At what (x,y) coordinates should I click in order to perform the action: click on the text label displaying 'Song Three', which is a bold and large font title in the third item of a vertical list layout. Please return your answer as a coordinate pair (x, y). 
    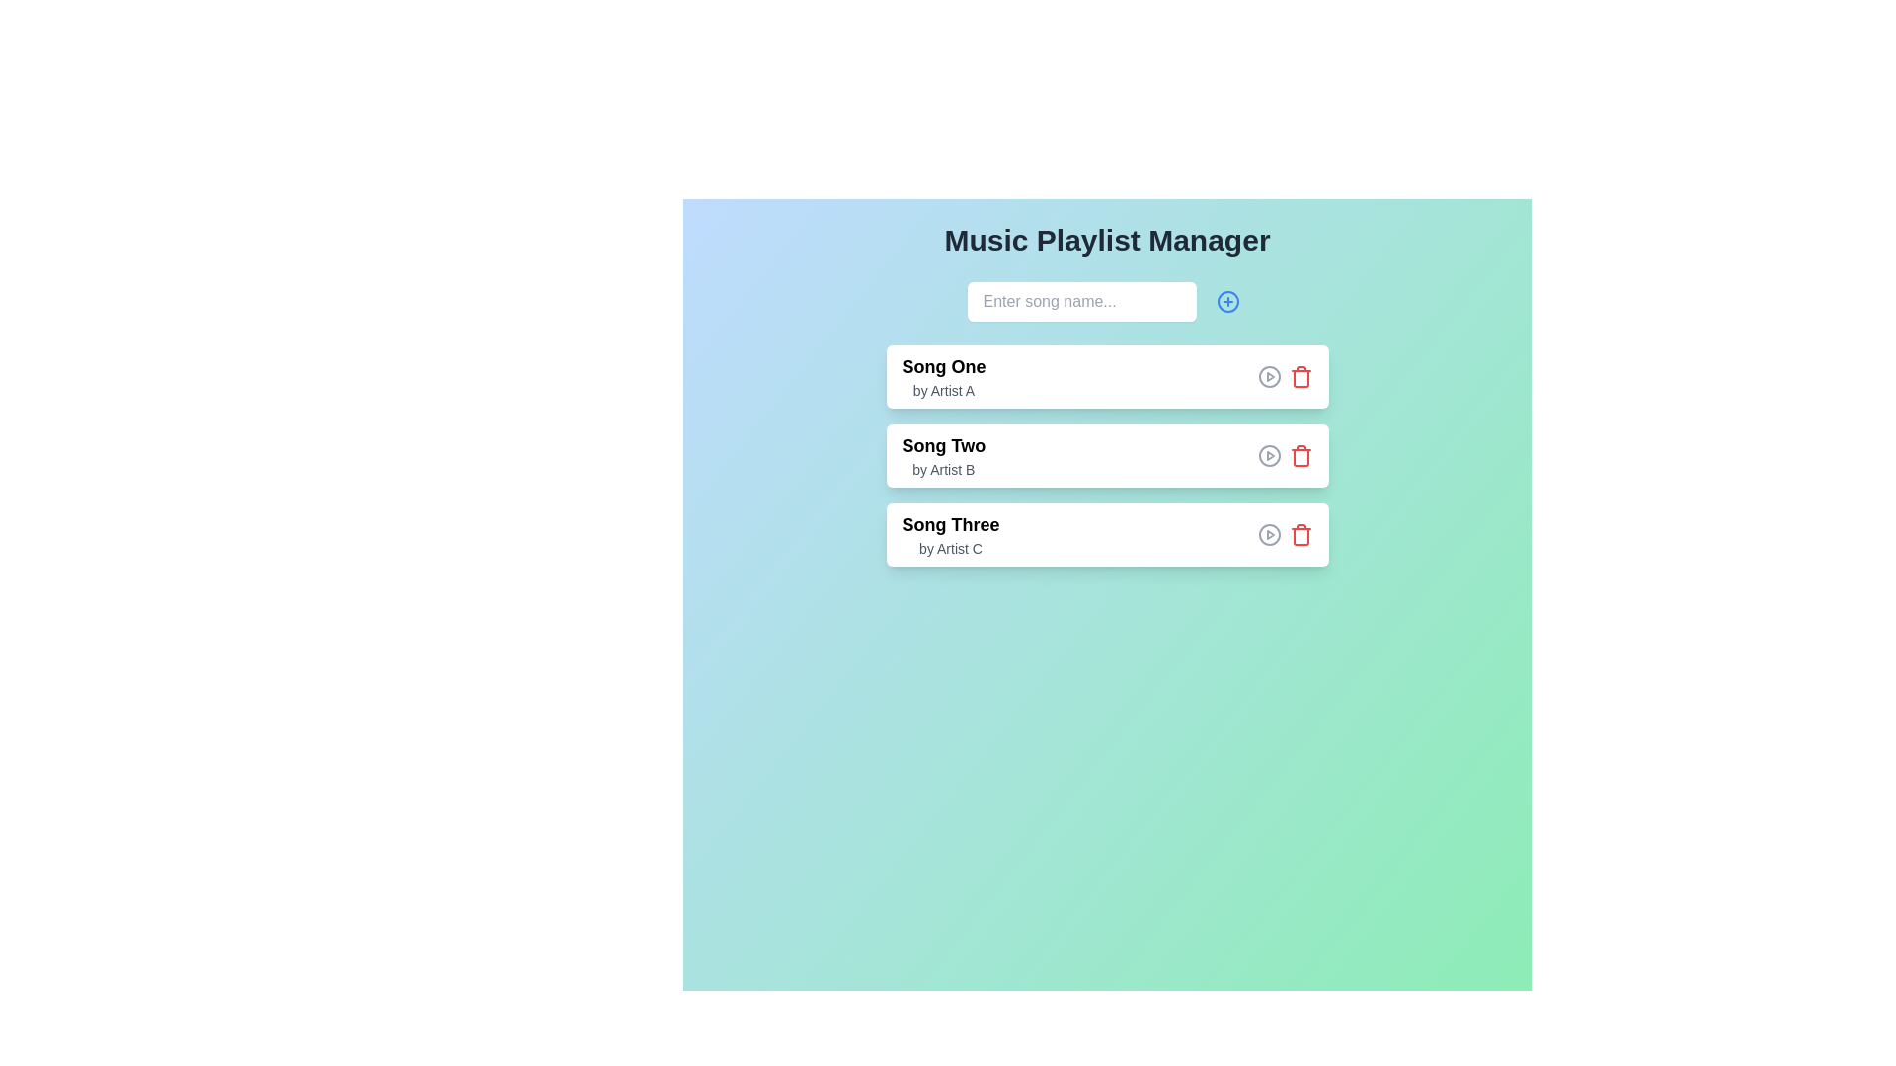
    Looking at the image, I should click on (951, 524).